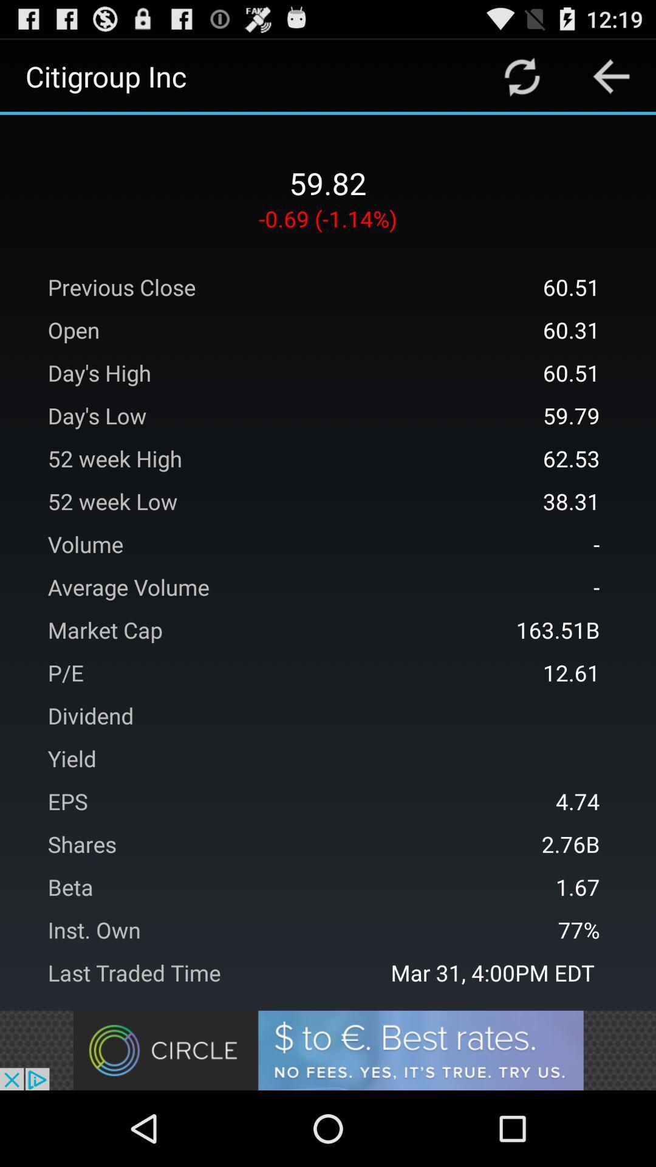  I want to click on adverstisment, so click(328, 1050).